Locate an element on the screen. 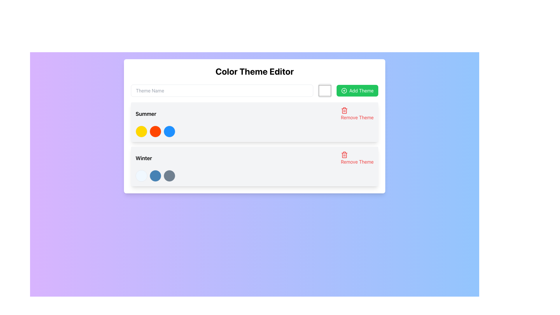 The image size is (560, 315). the third circular Color Picker Option in the Winter section of the theme editor is located at coordinates (169, 175).